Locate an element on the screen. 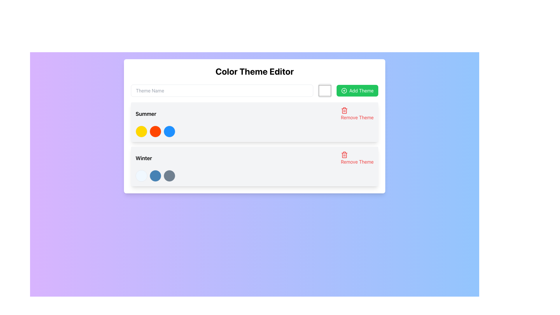 The image size is (560, 315). the third circular Color Picker Option in the Winter section of the theme editor is located at coordinates (169, 175).